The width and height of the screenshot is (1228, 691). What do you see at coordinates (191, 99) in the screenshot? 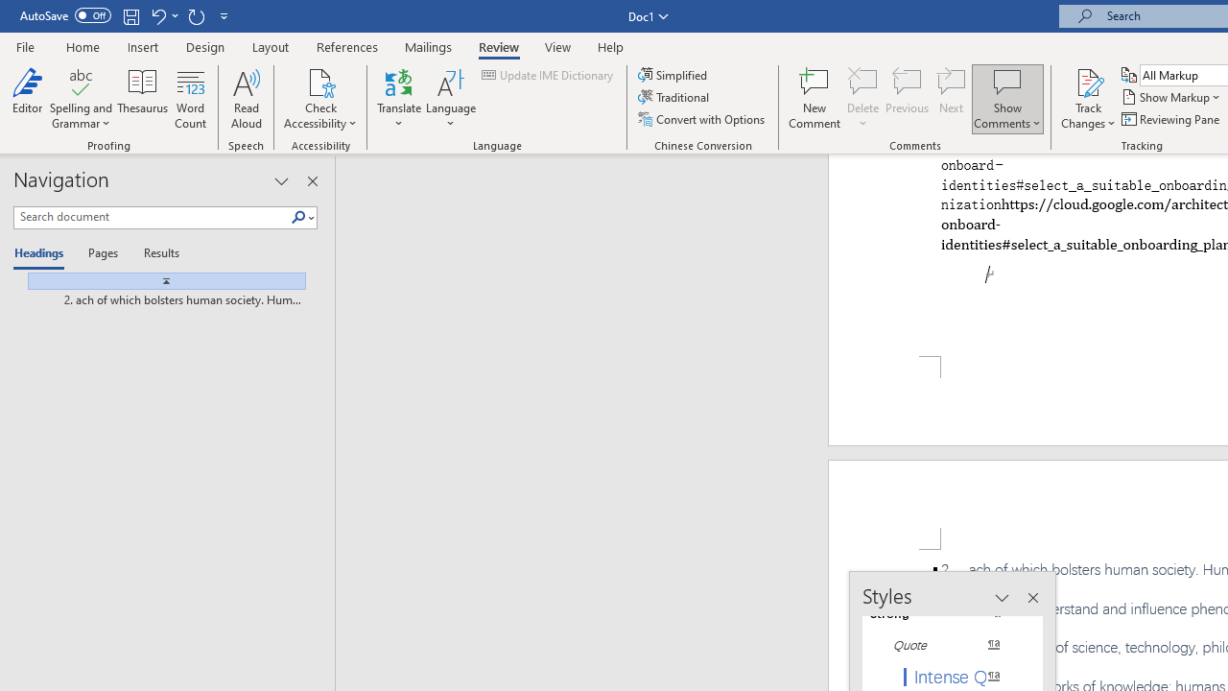
I see `'Word Count'` at bounding box center [191, 99].